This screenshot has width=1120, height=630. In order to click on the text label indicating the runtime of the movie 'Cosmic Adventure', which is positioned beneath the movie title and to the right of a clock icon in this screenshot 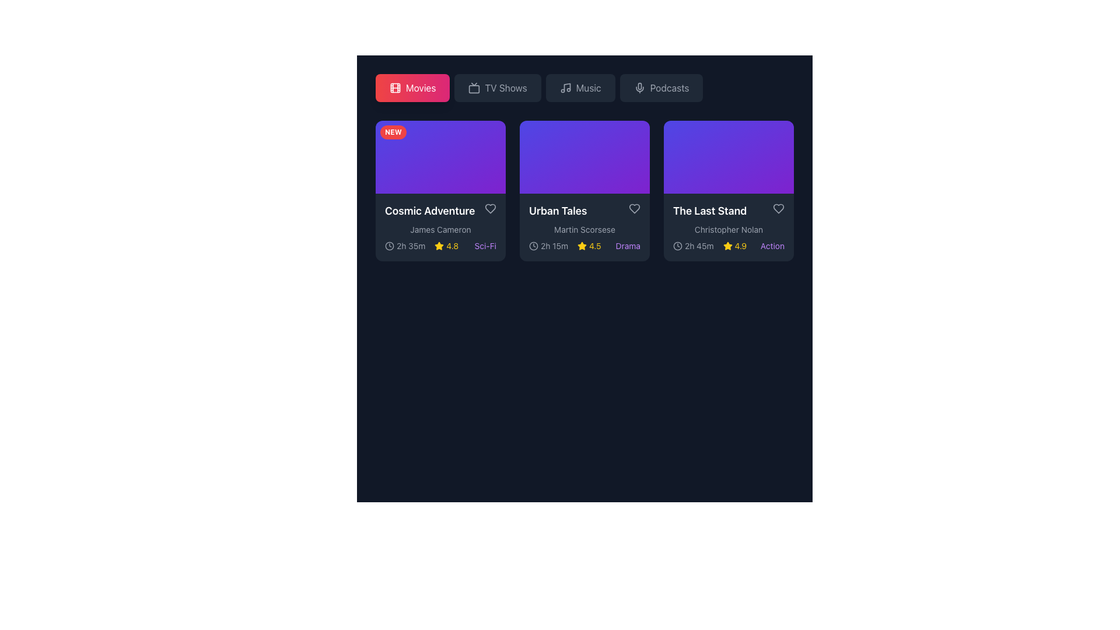, I will do `click(411, 246)`.